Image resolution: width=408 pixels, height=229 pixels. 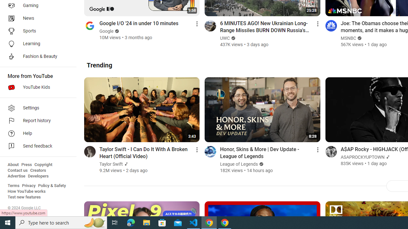 I want to click on 'League of Legends', so click(x=239, y=164).